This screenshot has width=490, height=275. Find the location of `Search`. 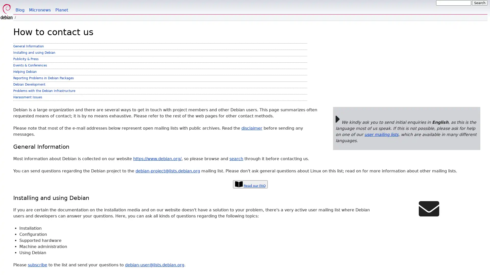

Search is located at coordinates (480, 3).